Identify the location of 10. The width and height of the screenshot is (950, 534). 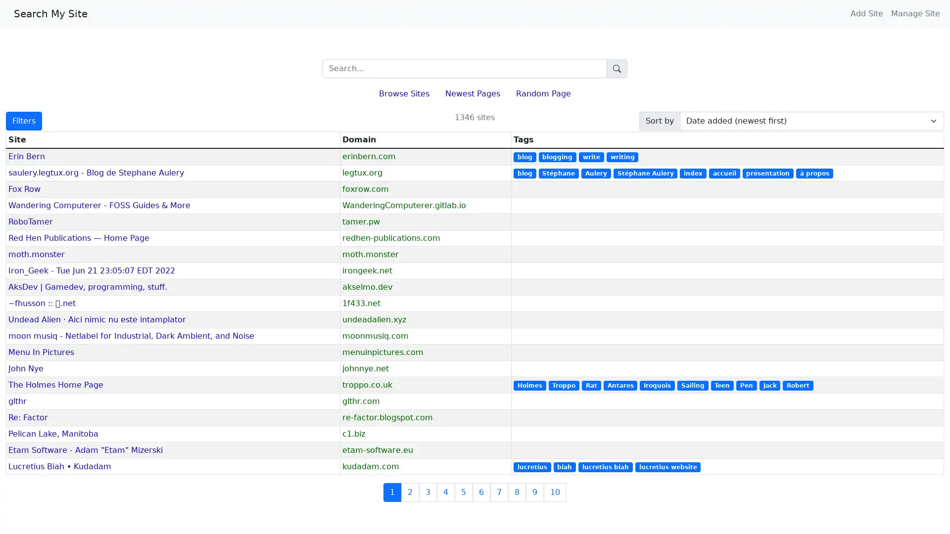
(555, 492).